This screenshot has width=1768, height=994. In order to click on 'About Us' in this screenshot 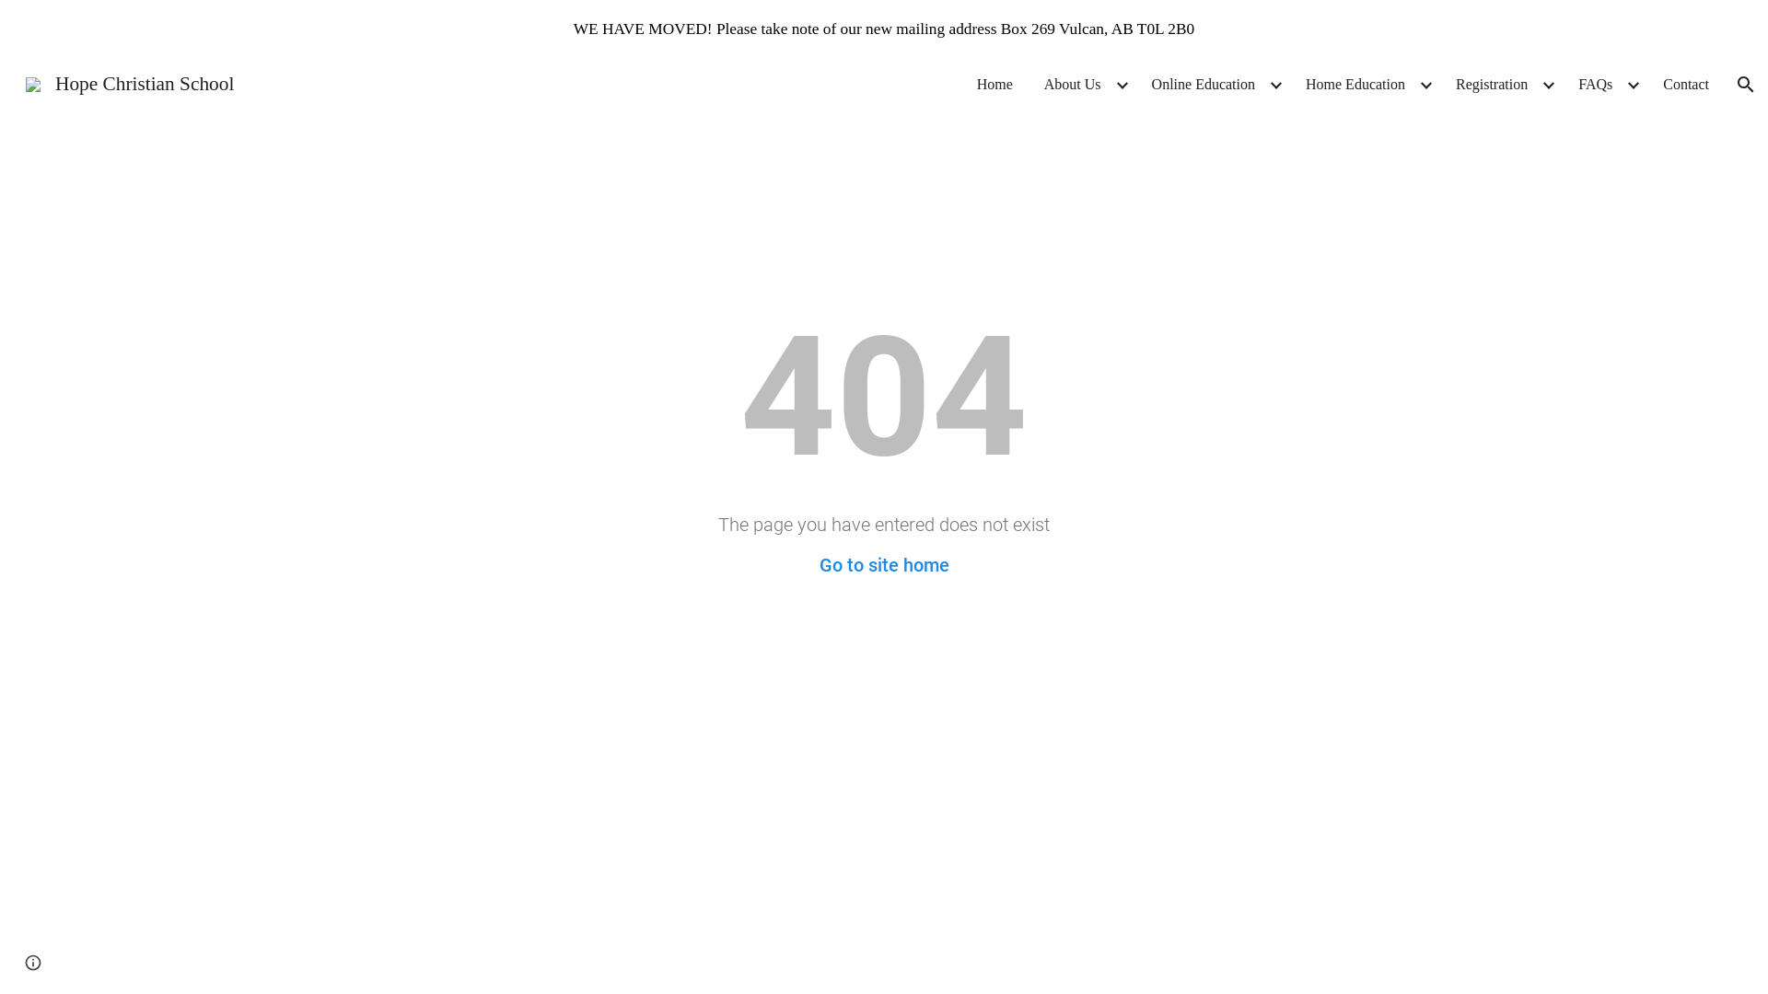, I will do `click(1073, 85)`.